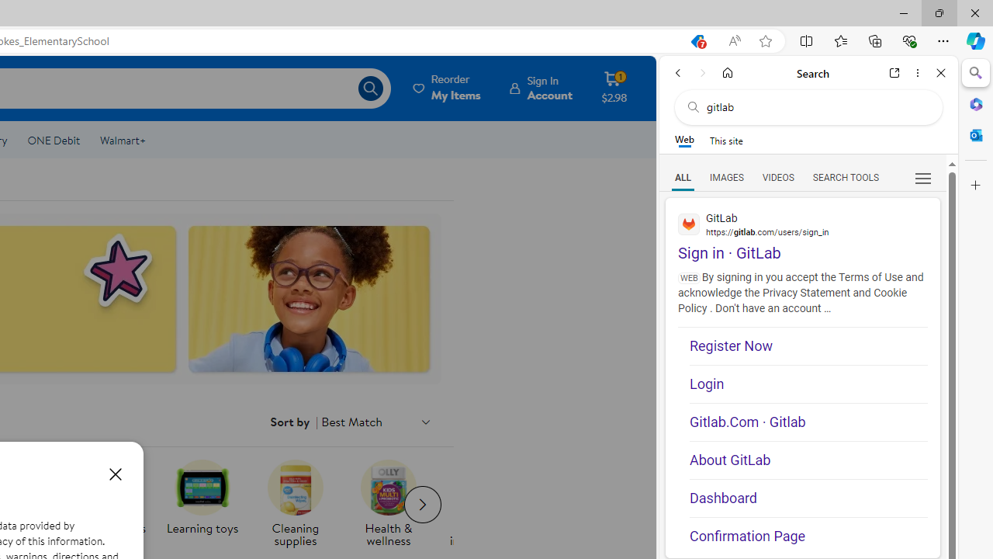 This screenshot has width=993, height=559. I want to click on 'Close Search pane', so click(975, 73).